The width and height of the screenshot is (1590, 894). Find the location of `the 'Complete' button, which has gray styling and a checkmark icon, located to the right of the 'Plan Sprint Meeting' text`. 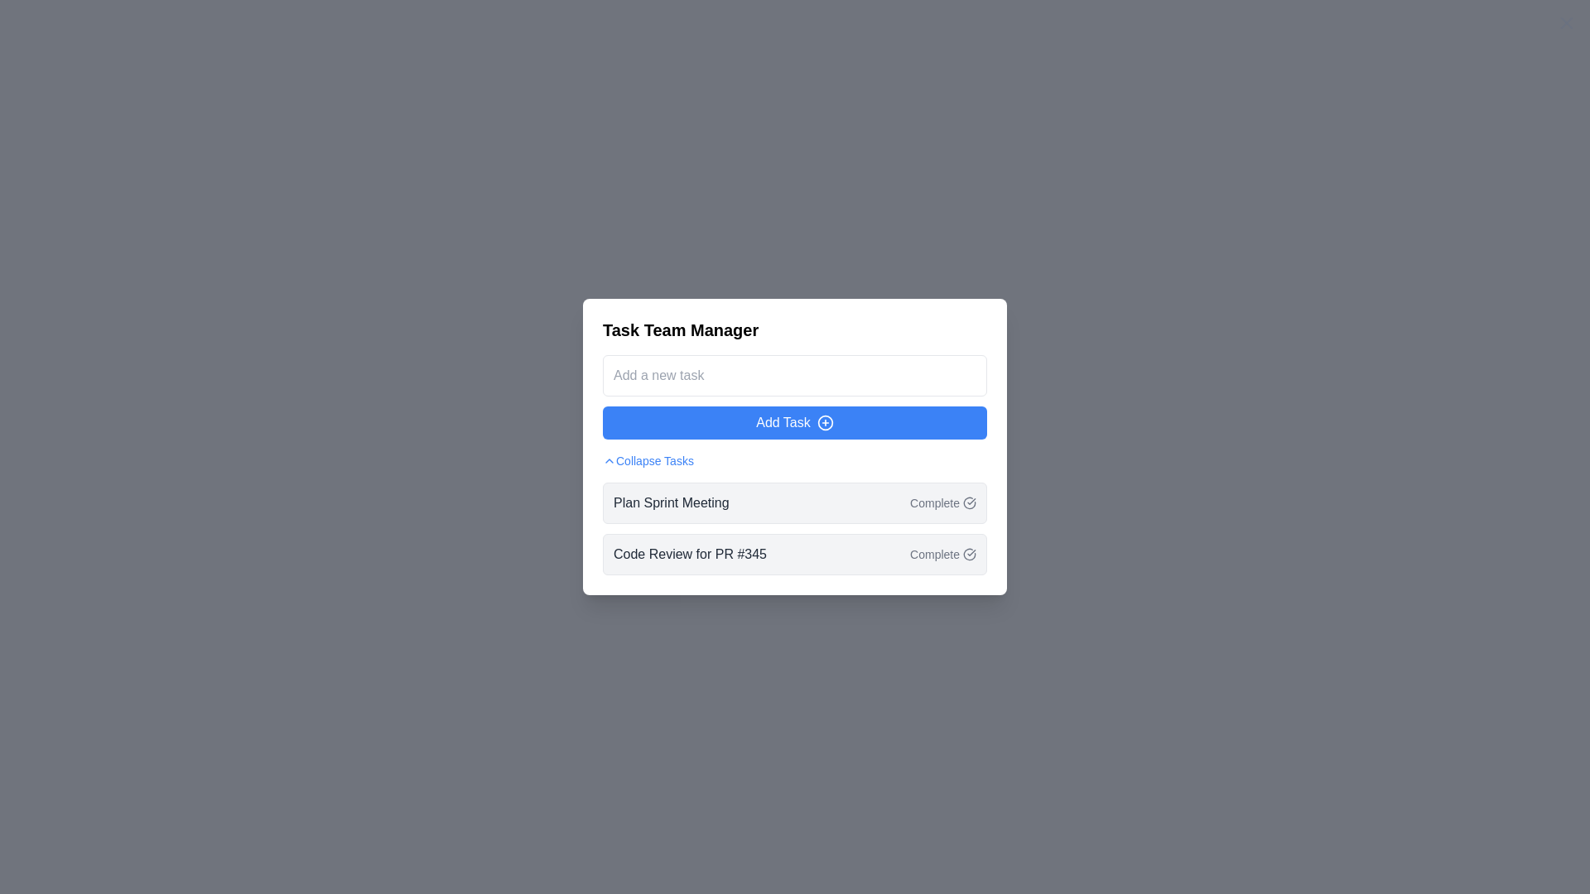

the 'Complete' button, which has gray styling and a checkmark icon, located to the right of the 'Plan Sprint Meeting' text is located at coordinates (942, 502).